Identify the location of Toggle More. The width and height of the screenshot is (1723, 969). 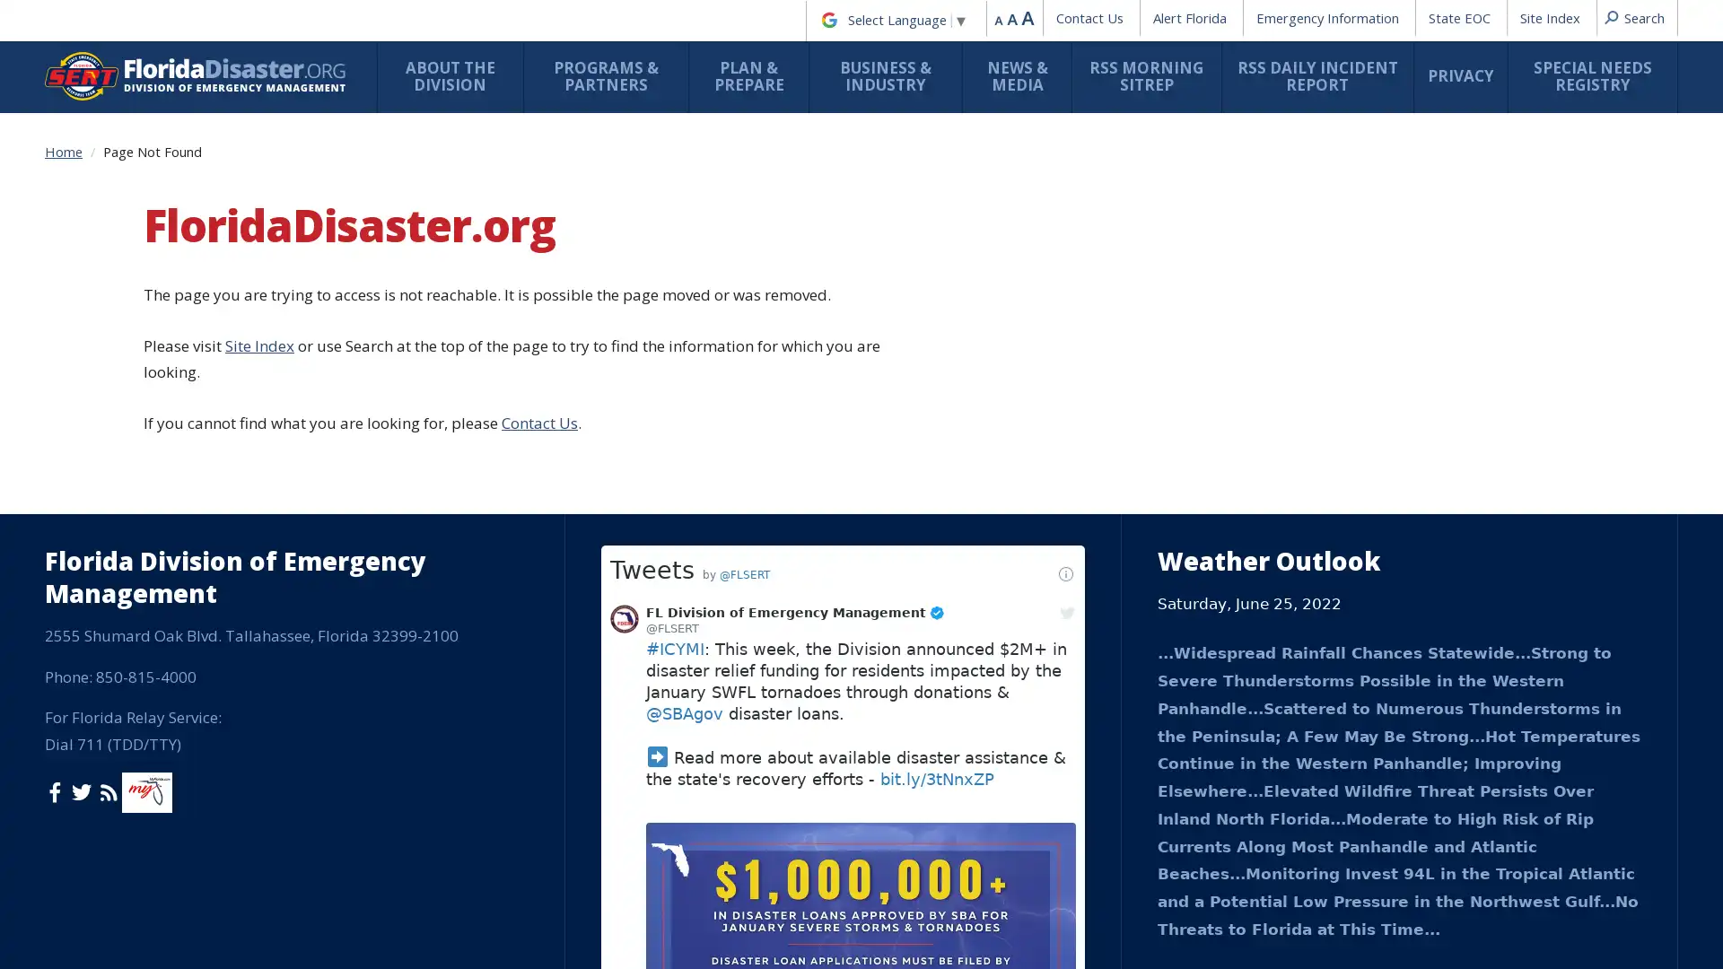
(719, 279).